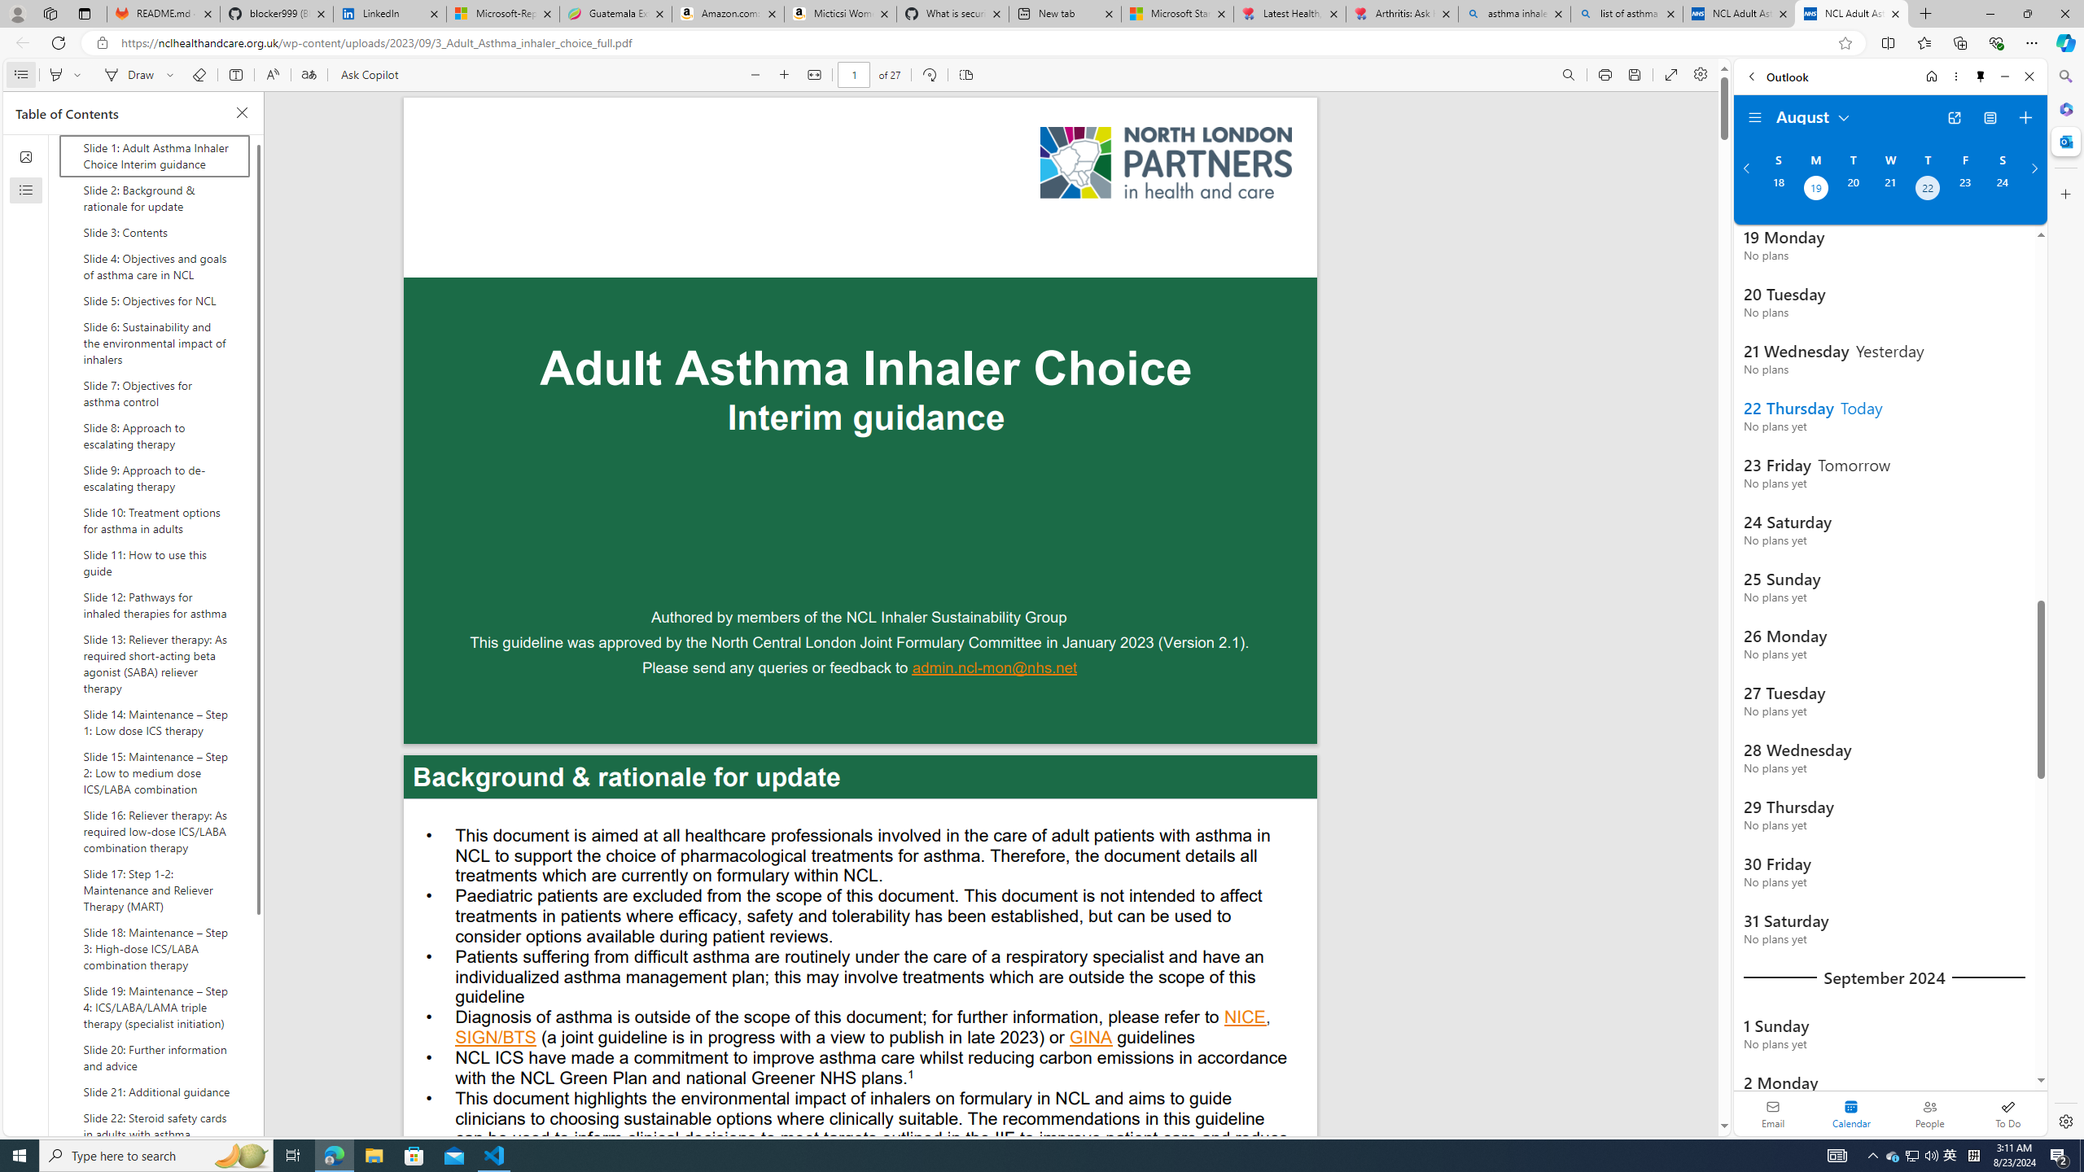 The image size is (2084, 1172). I want to click on 'Print (Ctrl+P)', so click(1605, 74).